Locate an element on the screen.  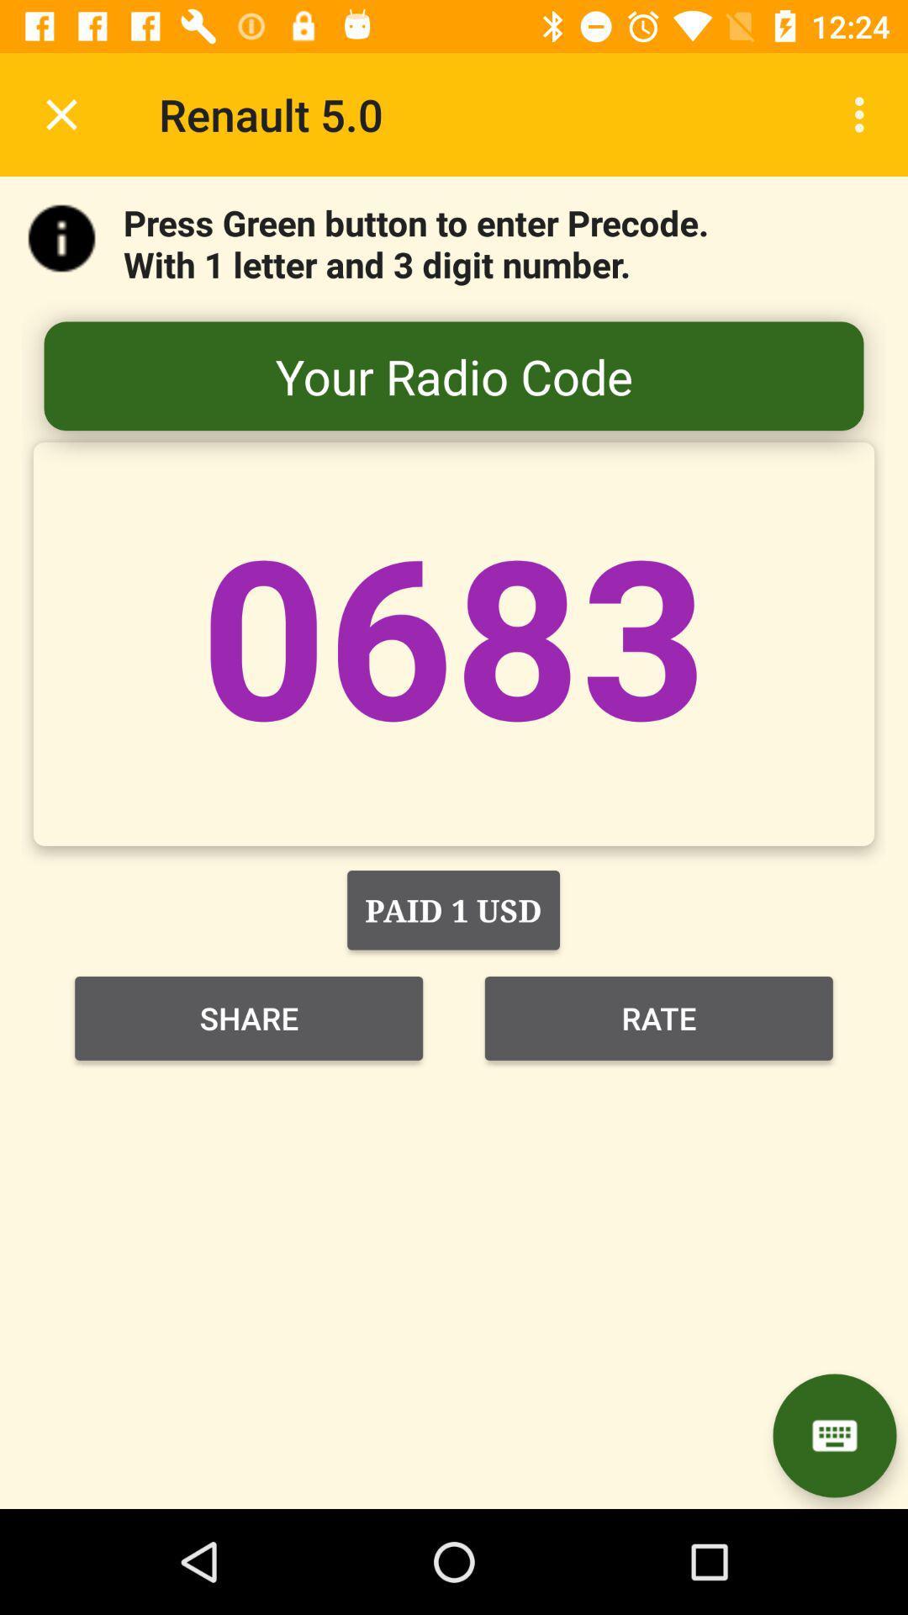
the icon below paid 1 usd icon is located at coordinates (249, 1017).